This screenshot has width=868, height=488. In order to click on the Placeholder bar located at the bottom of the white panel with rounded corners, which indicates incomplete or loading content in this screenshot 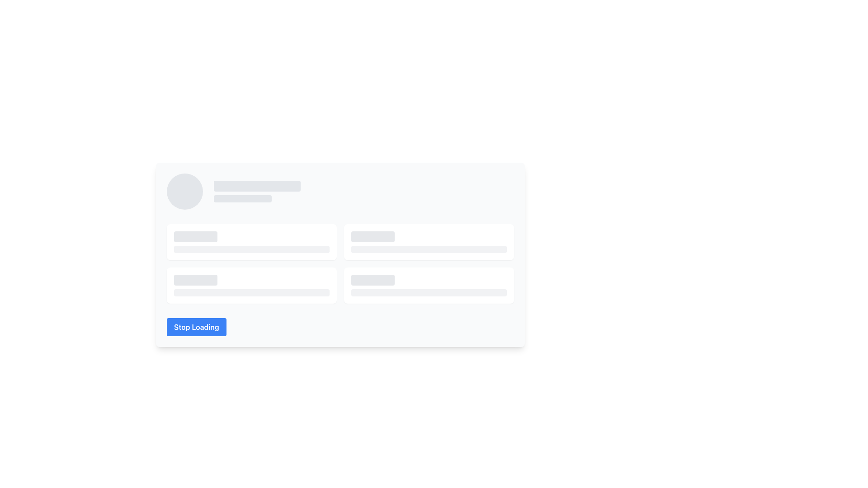, I will do `click(429, 249)`.